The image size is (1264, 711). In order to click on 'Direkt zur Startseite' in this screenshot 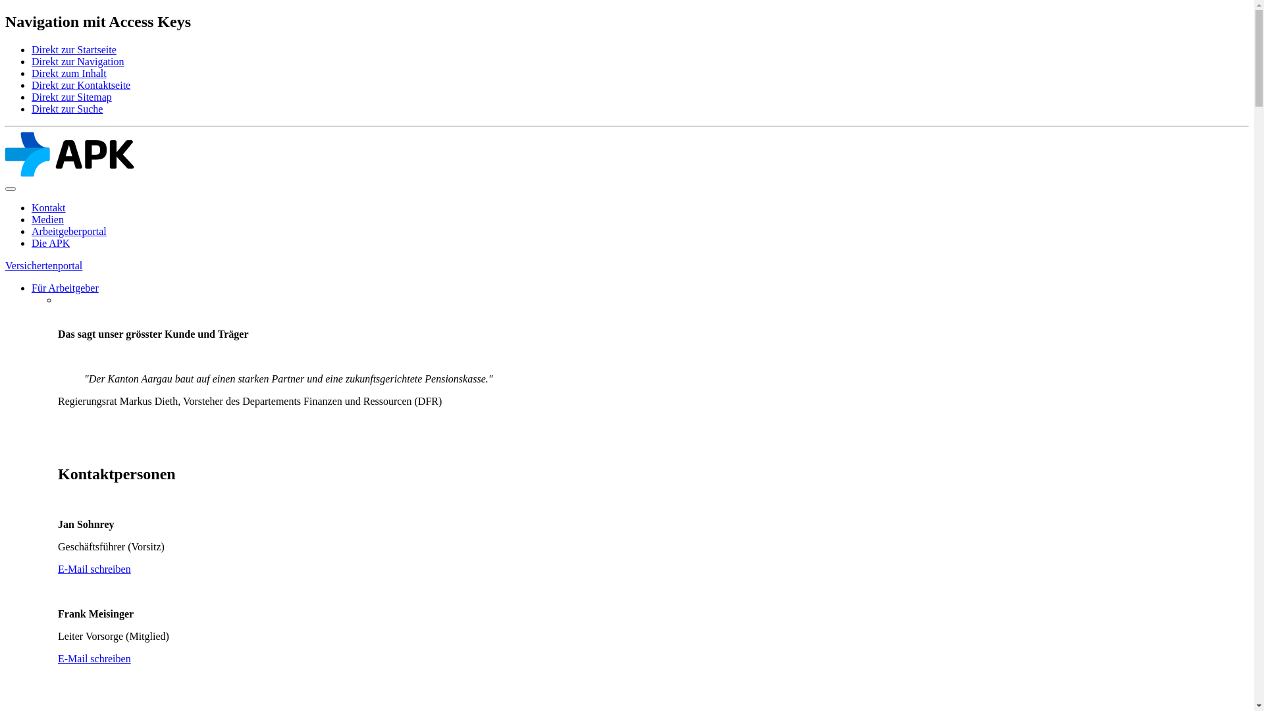, I will do `click(73, 49)`.